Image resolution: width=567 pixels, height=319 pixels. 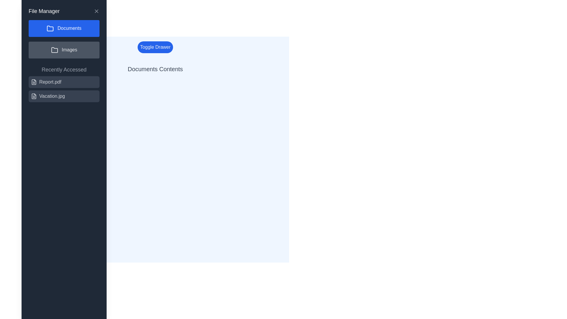 I want to click on the folder icon in the left sidebar, which is styled with a modern flat design and is associated with the 'Images' text label, so click(x=54, y=50).